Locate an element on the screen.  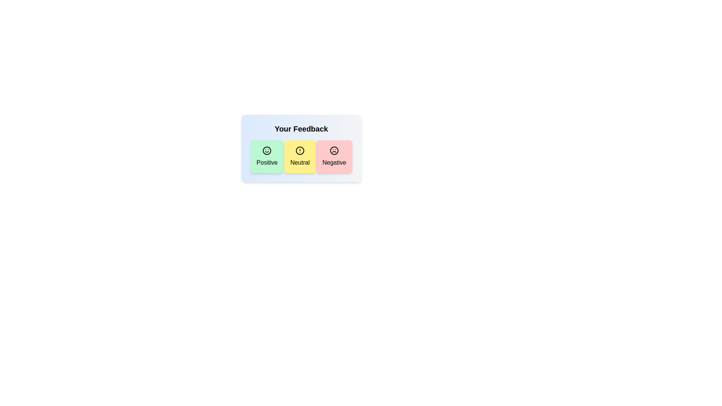
the 'Neutral' feedback button, which is a yellow rectangular button with rounded corners, containing a black exclamation mark and the text 'Neutral' in bold black font is located at coordinates (299, 156).